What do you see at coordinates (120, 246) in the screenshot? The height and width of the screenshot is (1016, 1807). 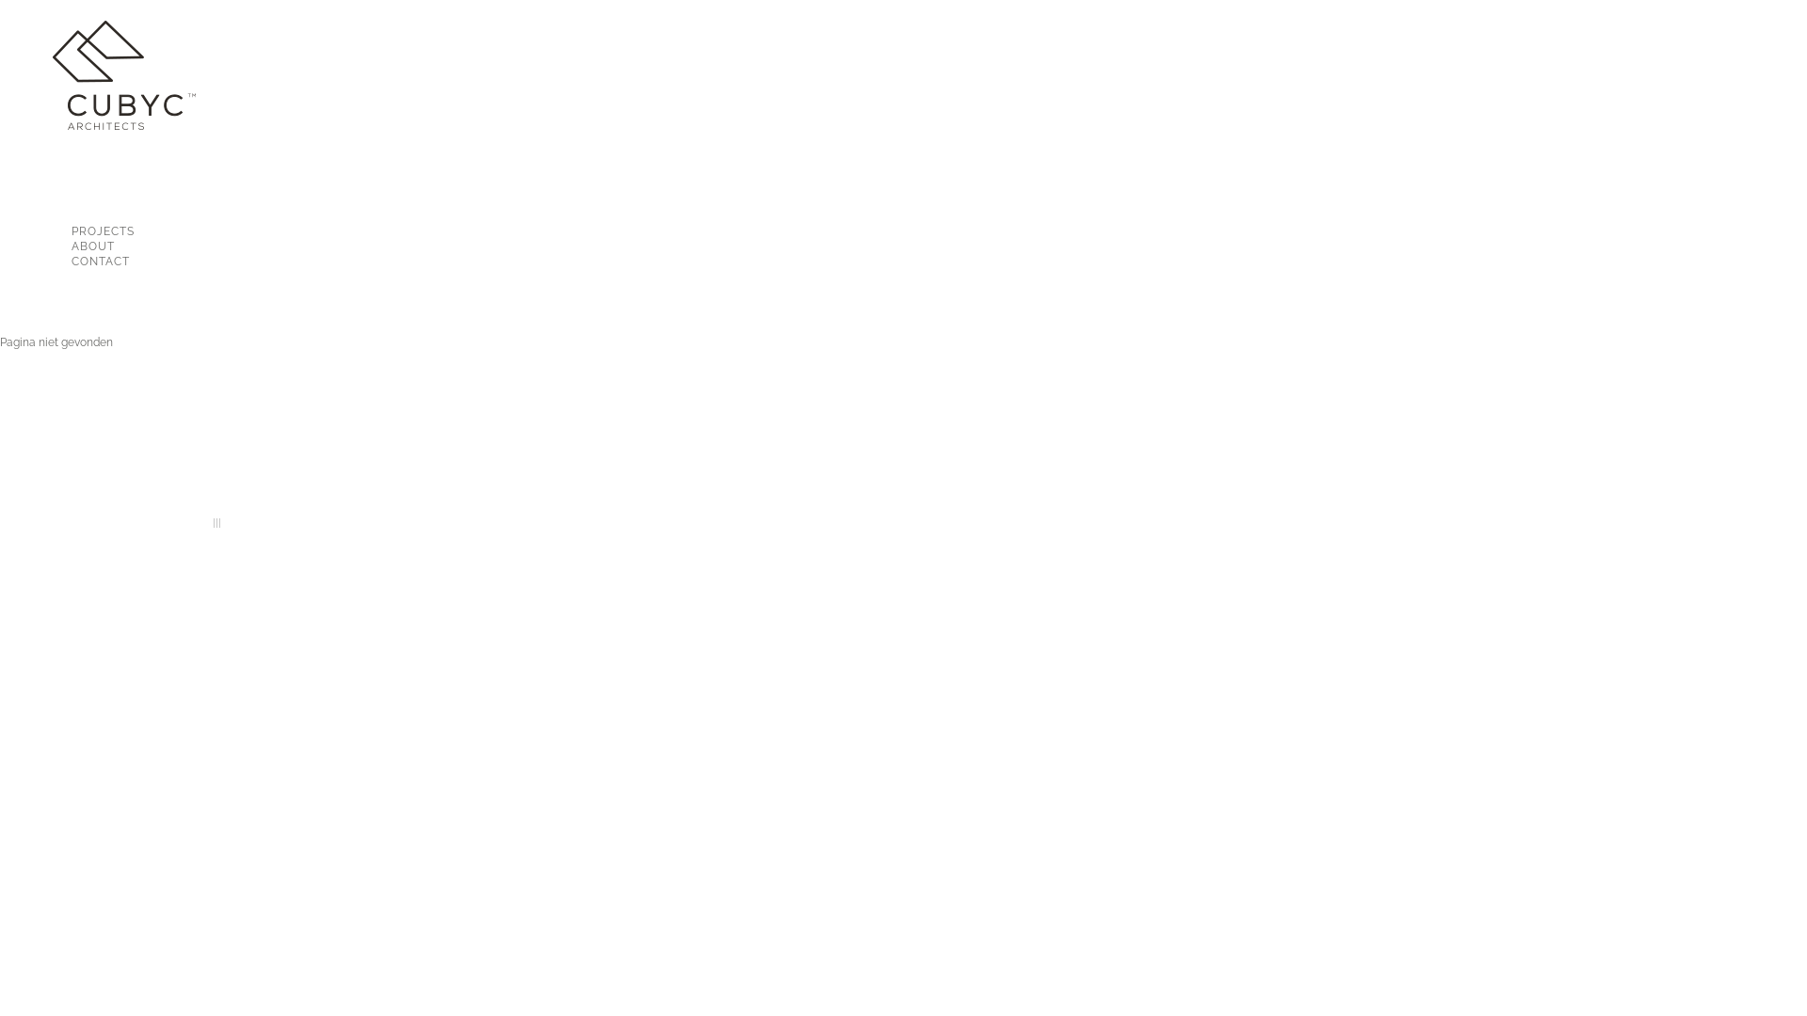 I see `'ABOUT'` at bounding box center [120, 246].